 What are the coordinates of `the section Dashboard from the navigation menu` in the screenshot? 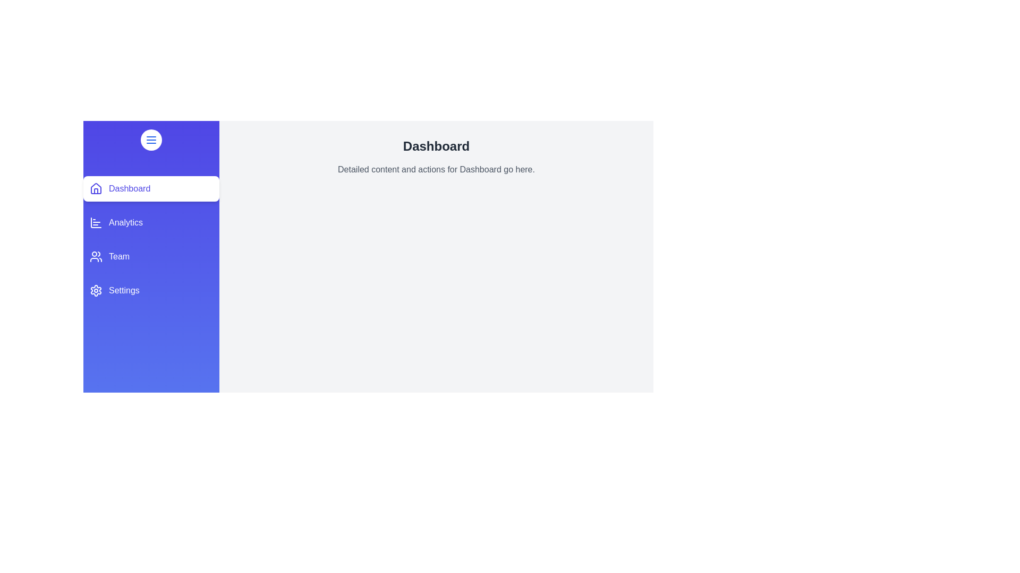 It's located at (150, 188).